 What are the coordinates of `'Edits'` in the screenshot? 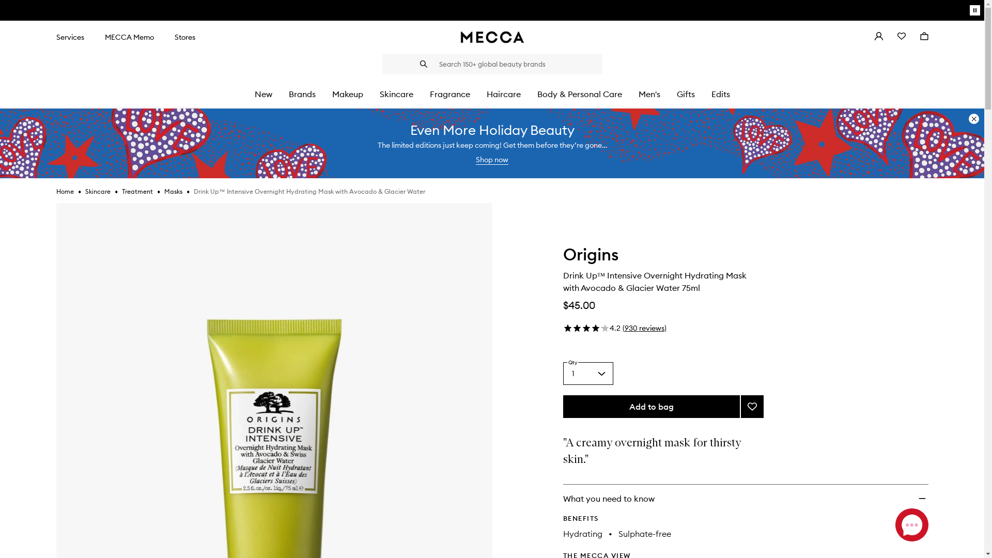 It's located at (710, 94).